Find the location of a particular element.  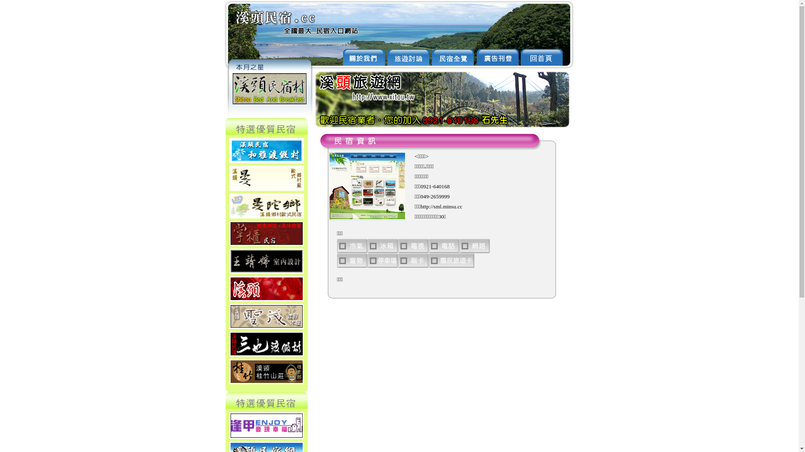

'http://sml.minsu.cc' is located at coordinates (421, 206).